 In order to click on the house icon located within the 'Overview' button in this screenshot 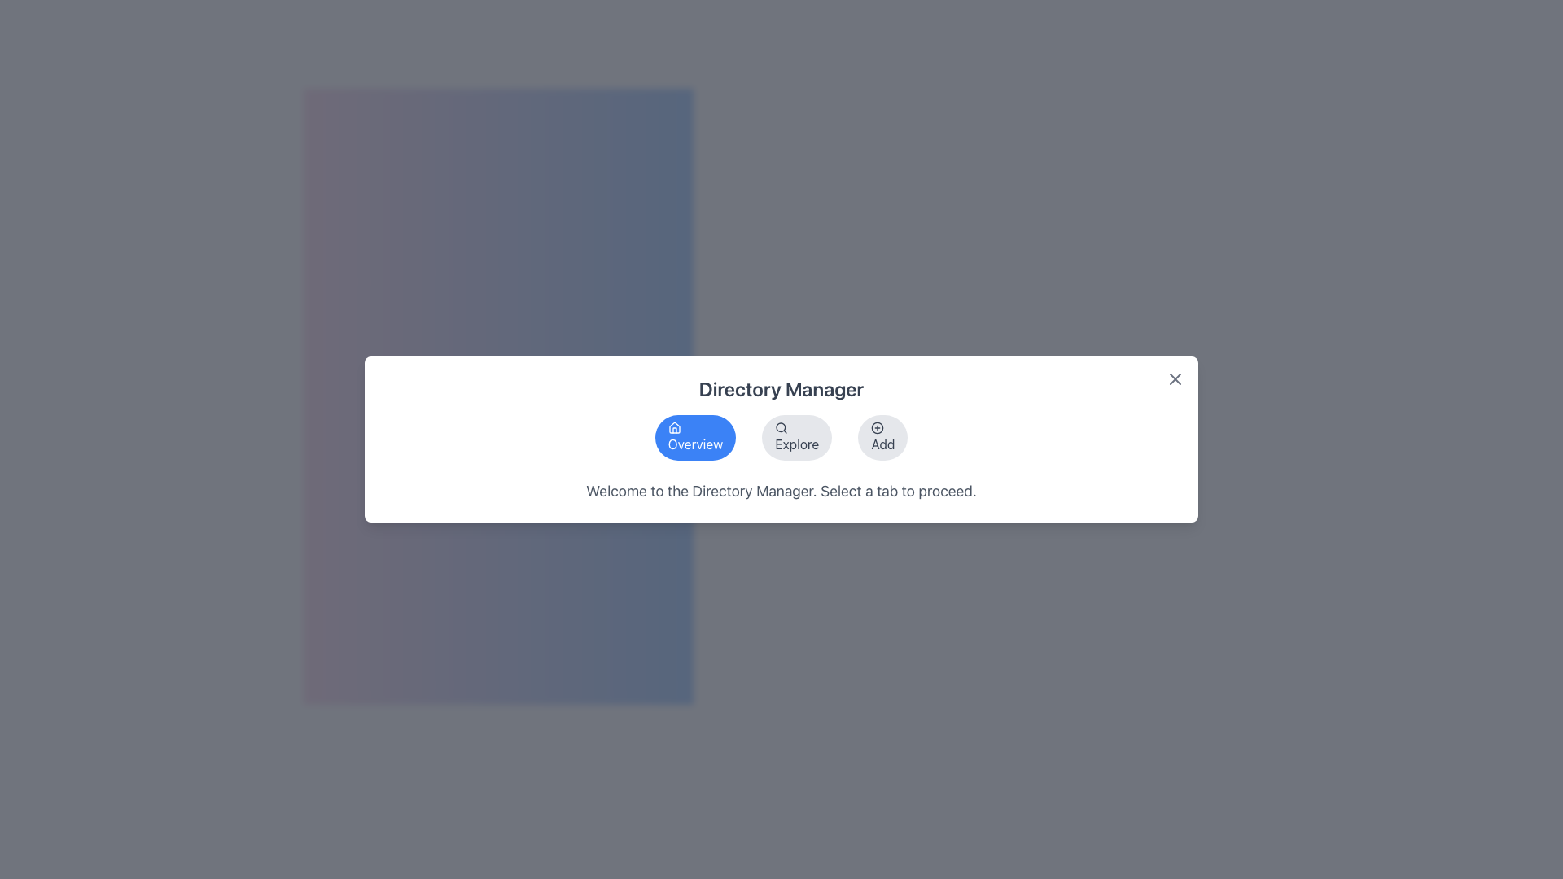, I will do `click(674, 426)`.